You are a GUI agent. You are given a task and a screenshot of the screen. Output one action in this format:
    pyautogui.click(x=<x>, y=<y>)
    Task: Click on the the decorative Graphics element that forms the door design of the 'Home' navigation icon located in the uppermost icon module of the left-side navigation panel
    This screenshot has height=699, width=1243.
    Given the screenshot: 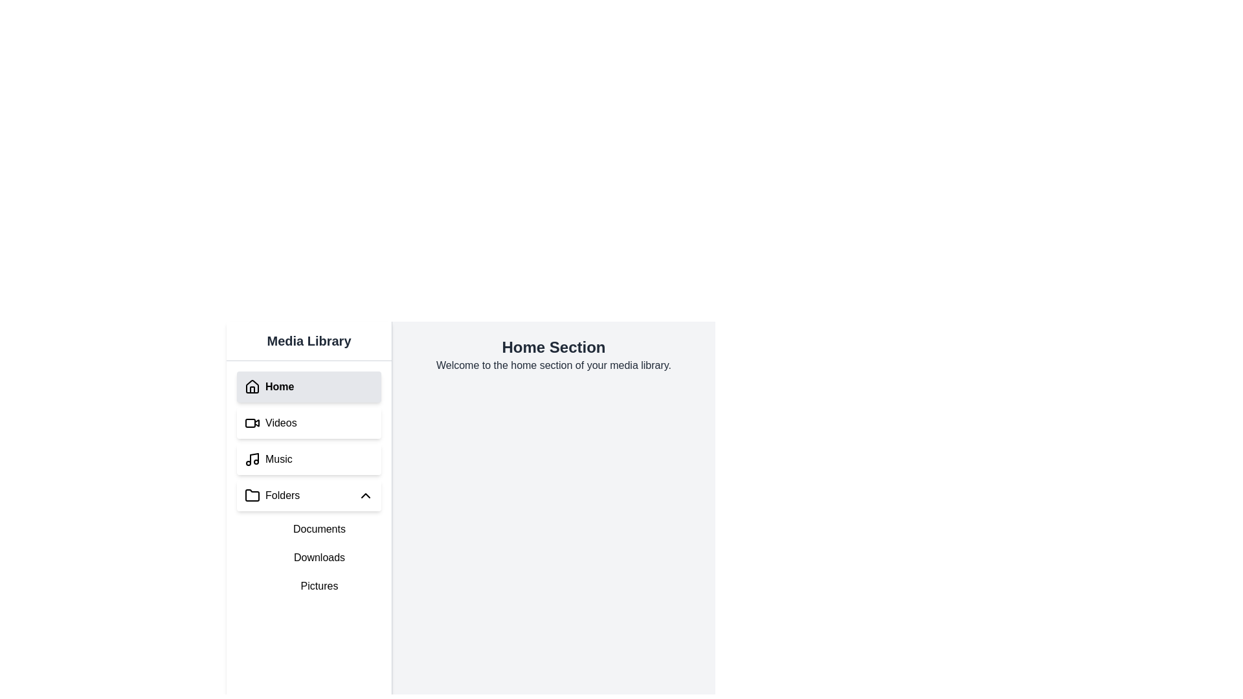 What is the action you would take?
    pyautogui.click(x=252, y=389)
    